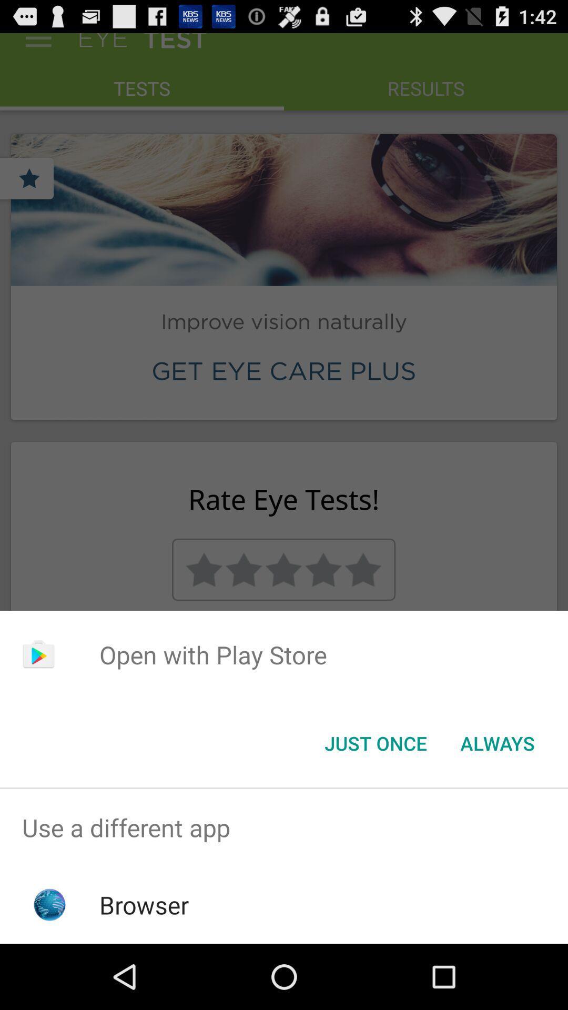  I want to click on the just once item, so click(375, 742).